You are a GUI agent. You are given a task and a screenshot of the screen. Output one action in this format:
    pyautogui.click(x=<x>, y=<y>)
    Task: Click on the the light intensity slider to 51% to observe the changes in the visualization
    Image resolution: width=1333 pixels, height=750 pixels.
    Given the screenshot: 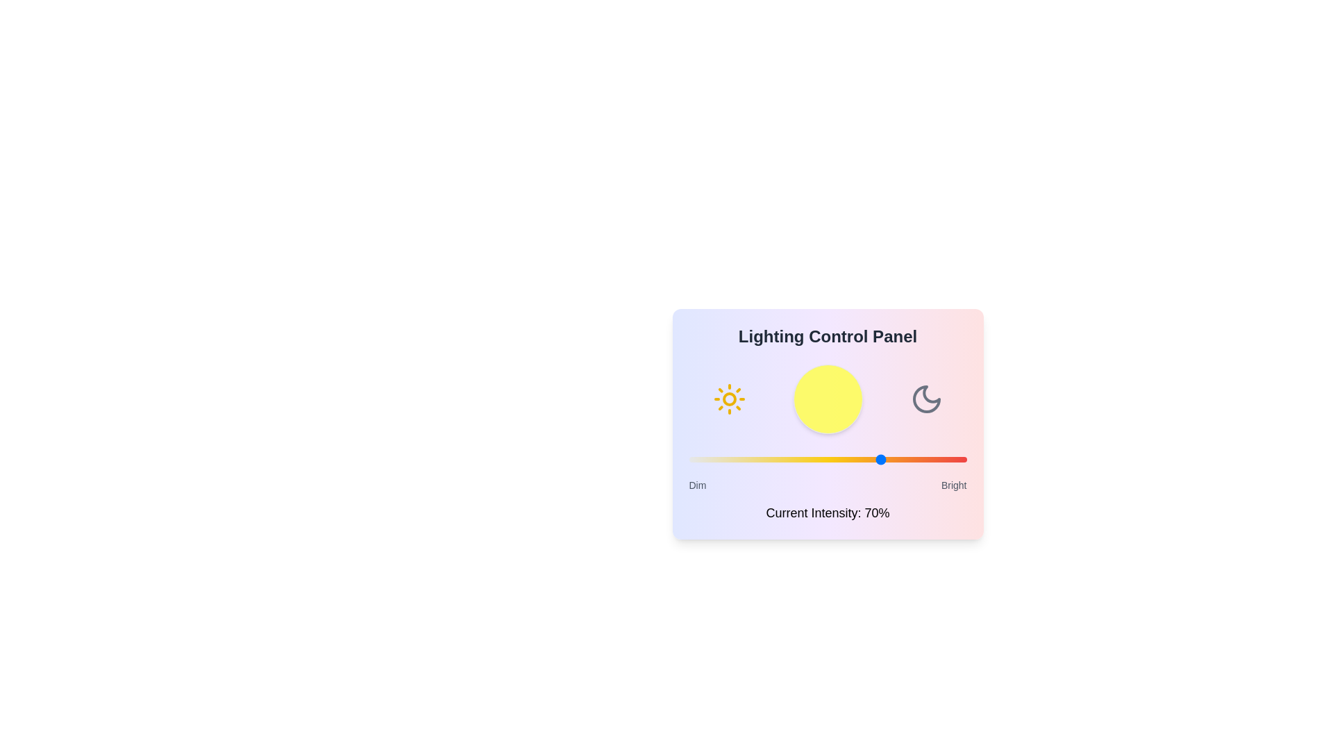 What is the action you would take?
    pyautogui.click(x=830, y=460)
    